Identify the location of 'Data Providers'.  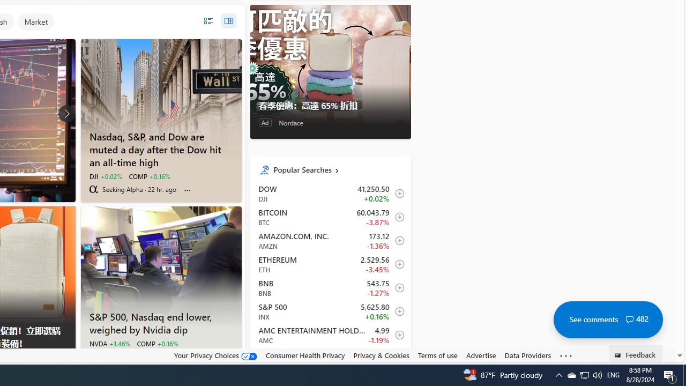
(527, 355).